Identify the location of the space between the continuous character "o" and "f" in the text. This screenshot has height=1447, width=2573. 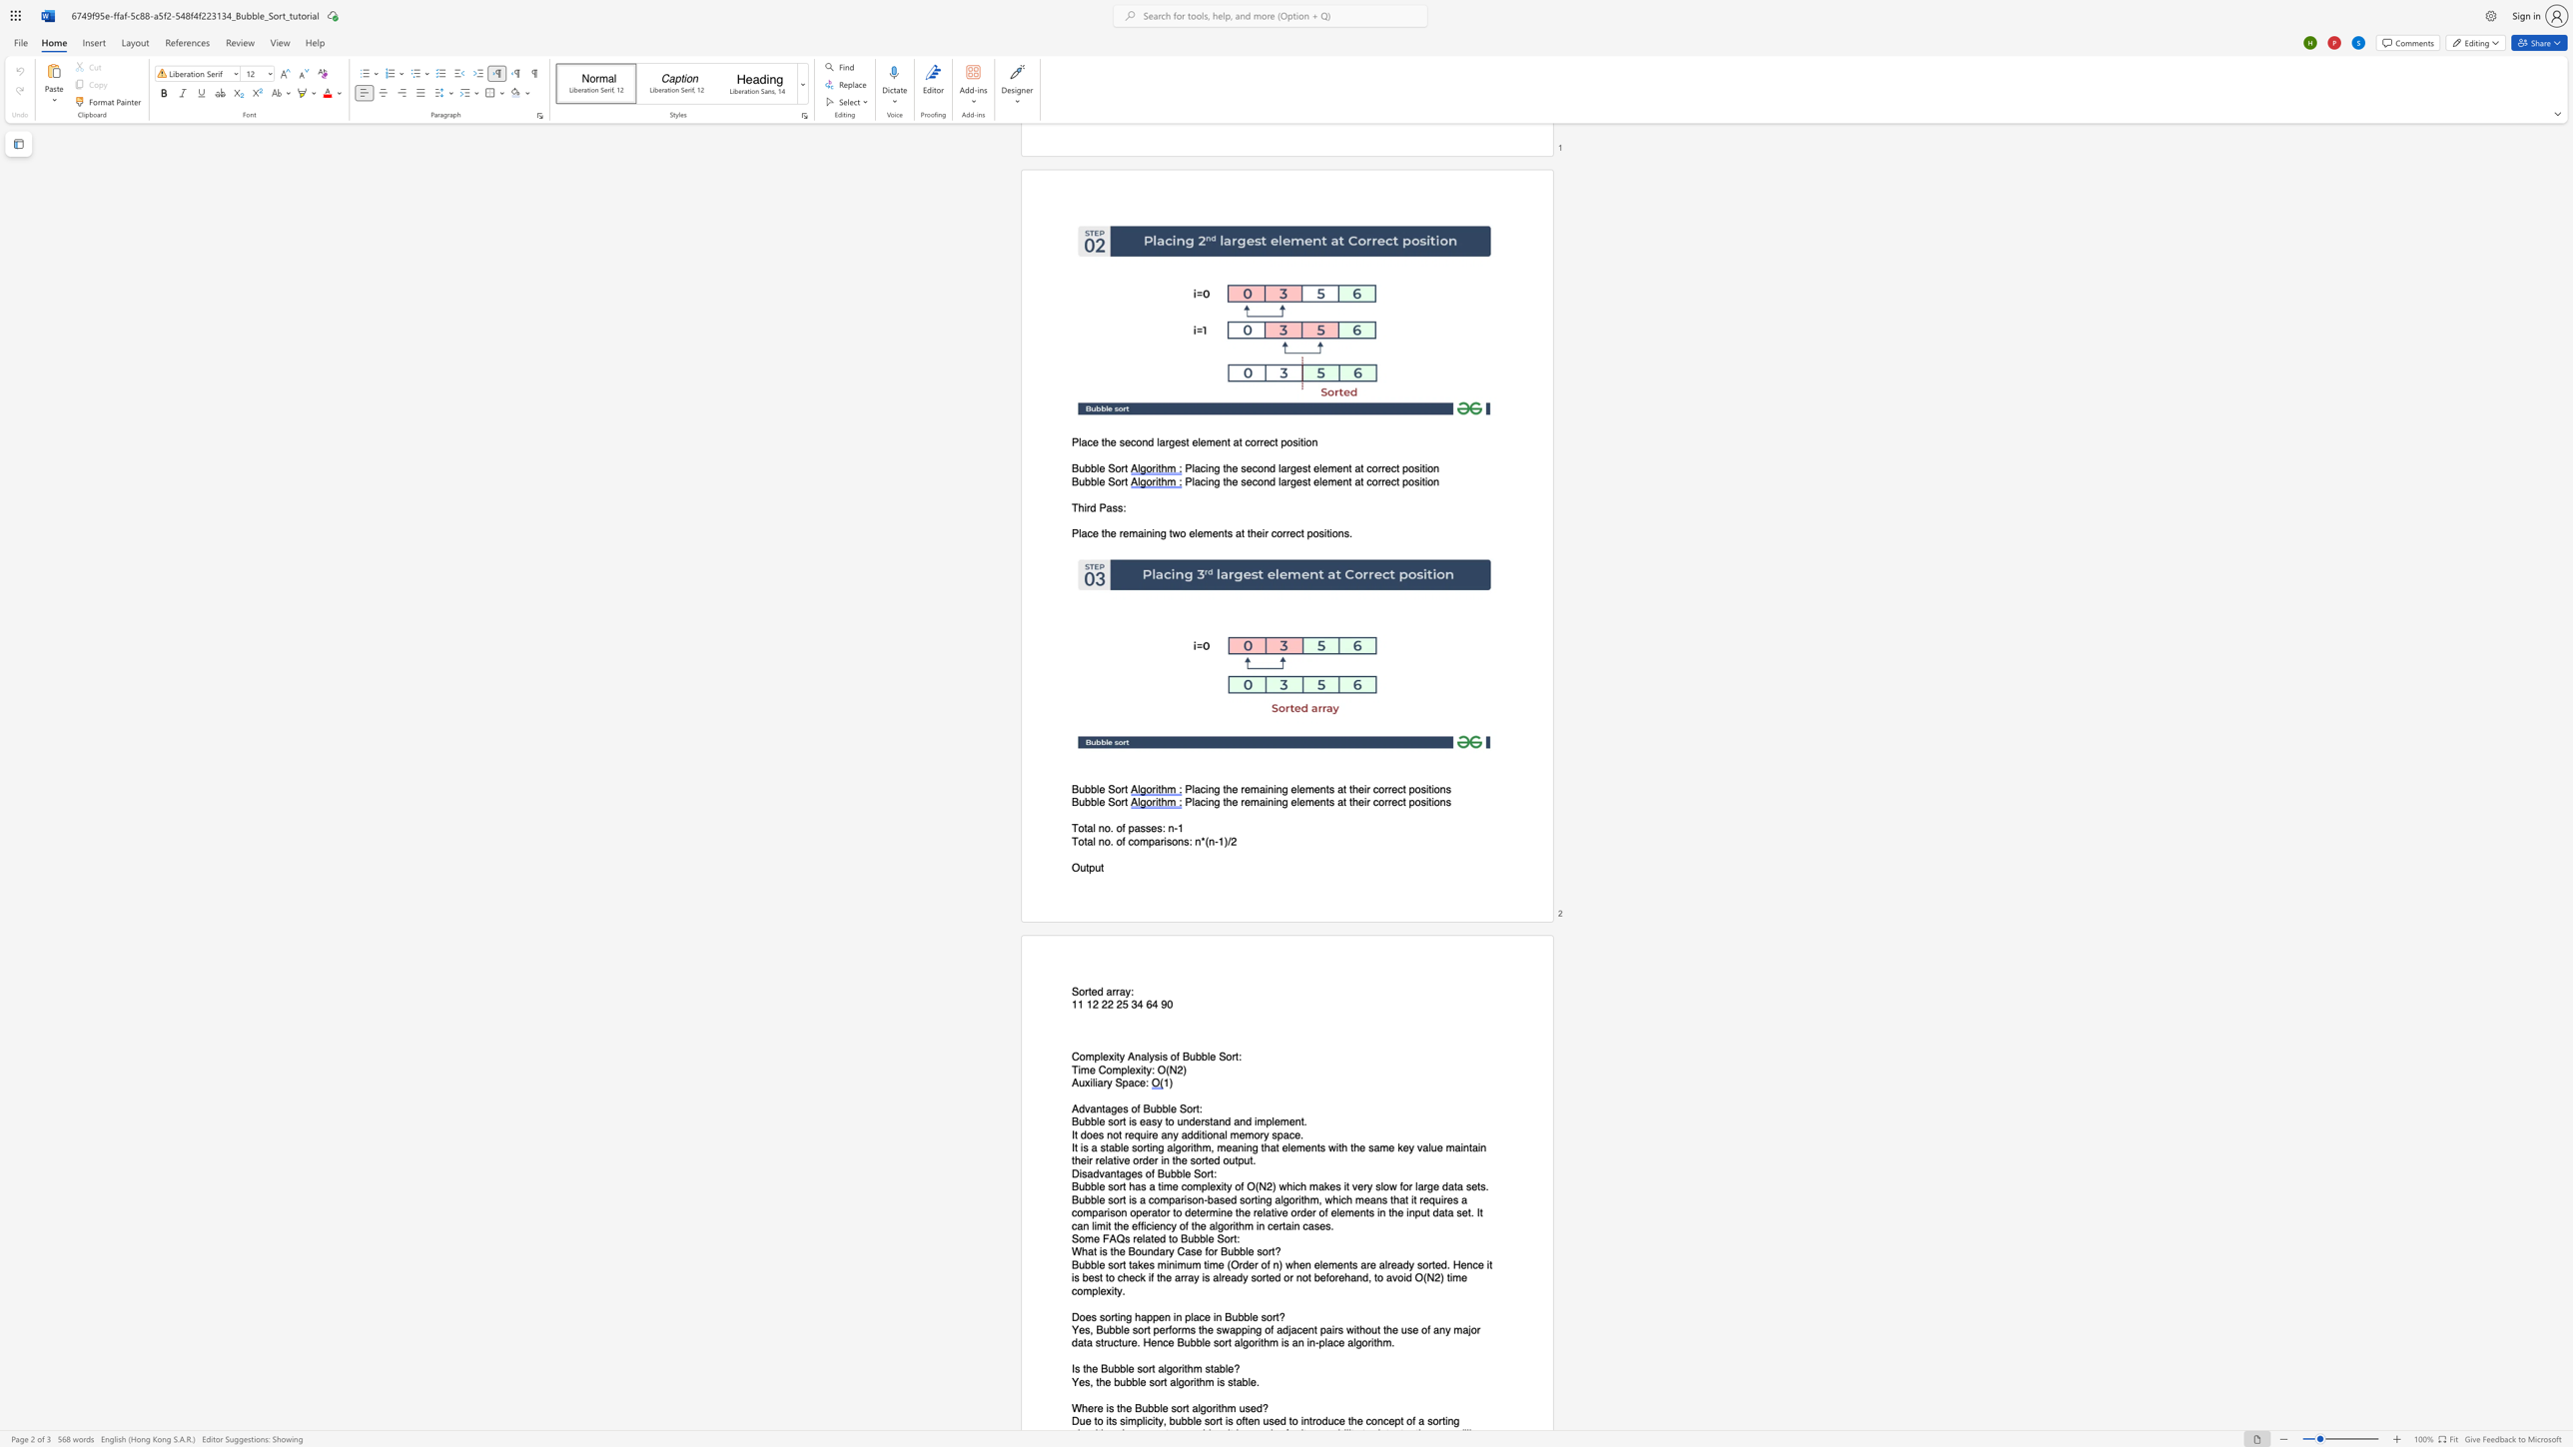
(1121, 841).